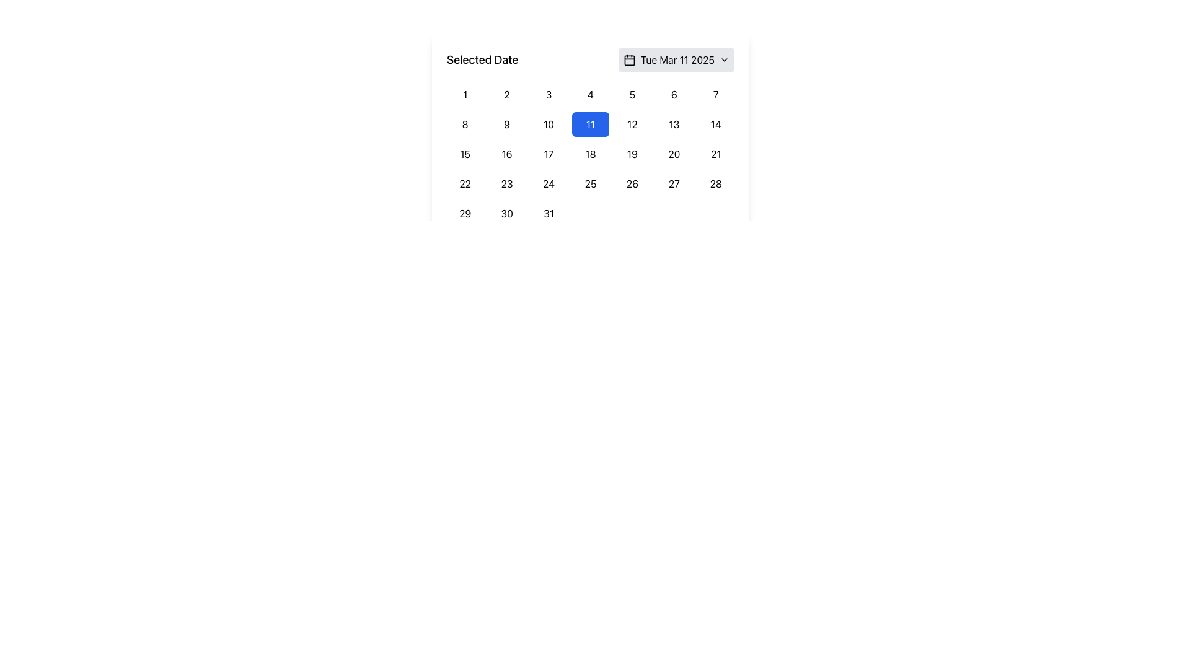  I want to click on the Day cell representing the 8th day in the calendar interface, located in the second row and first column of the grid layout, so click(464, 124).